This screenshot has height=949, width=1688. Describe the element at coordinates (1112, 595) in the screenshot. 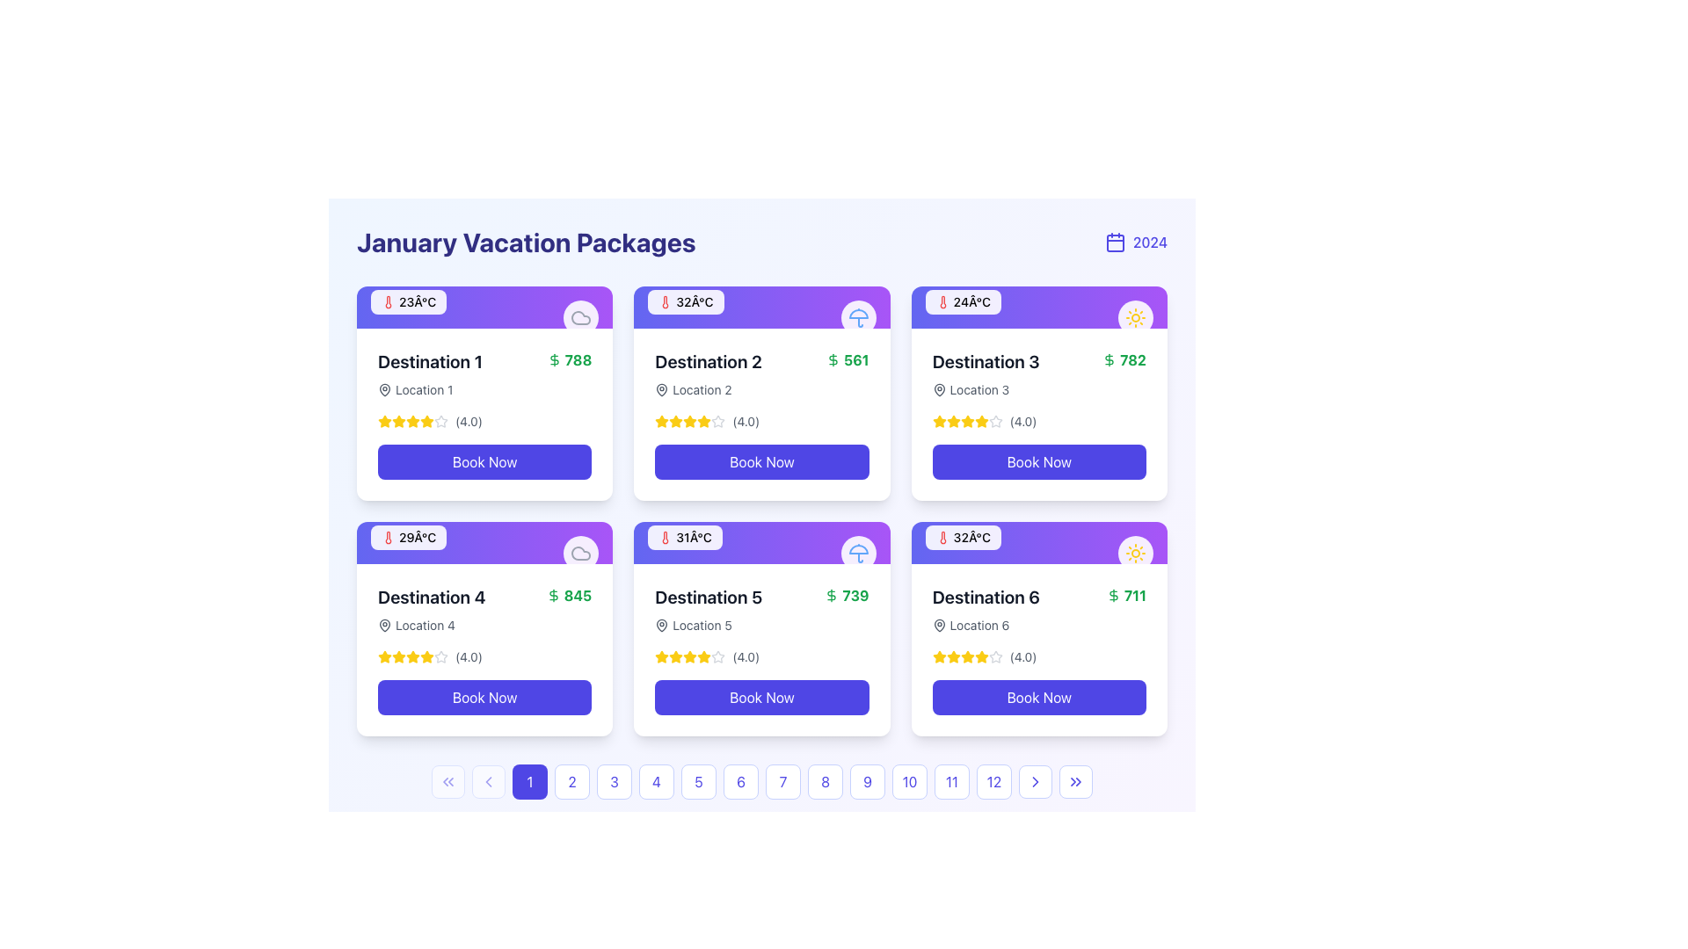

I see `the SVG icon representing the monetary value associated with the numeric label '711', which is located on the left side of its group within the card labeled 'Destination 6'` at that location.